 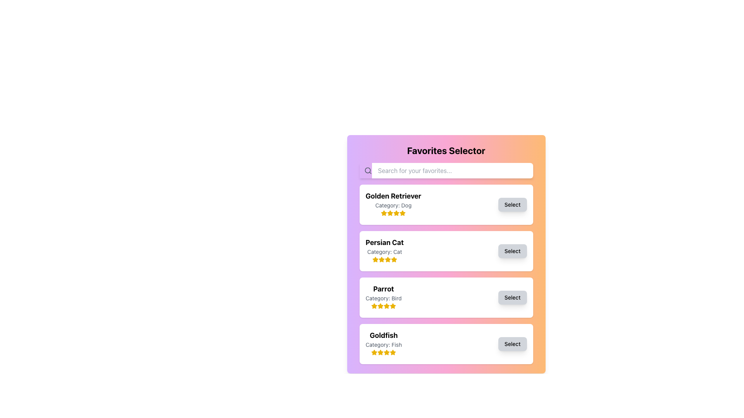 What do you see at coordinates (374, 352) in the screenshot?
I see `the first yellow five-pointed star icon` at bounding box center [374, 352].